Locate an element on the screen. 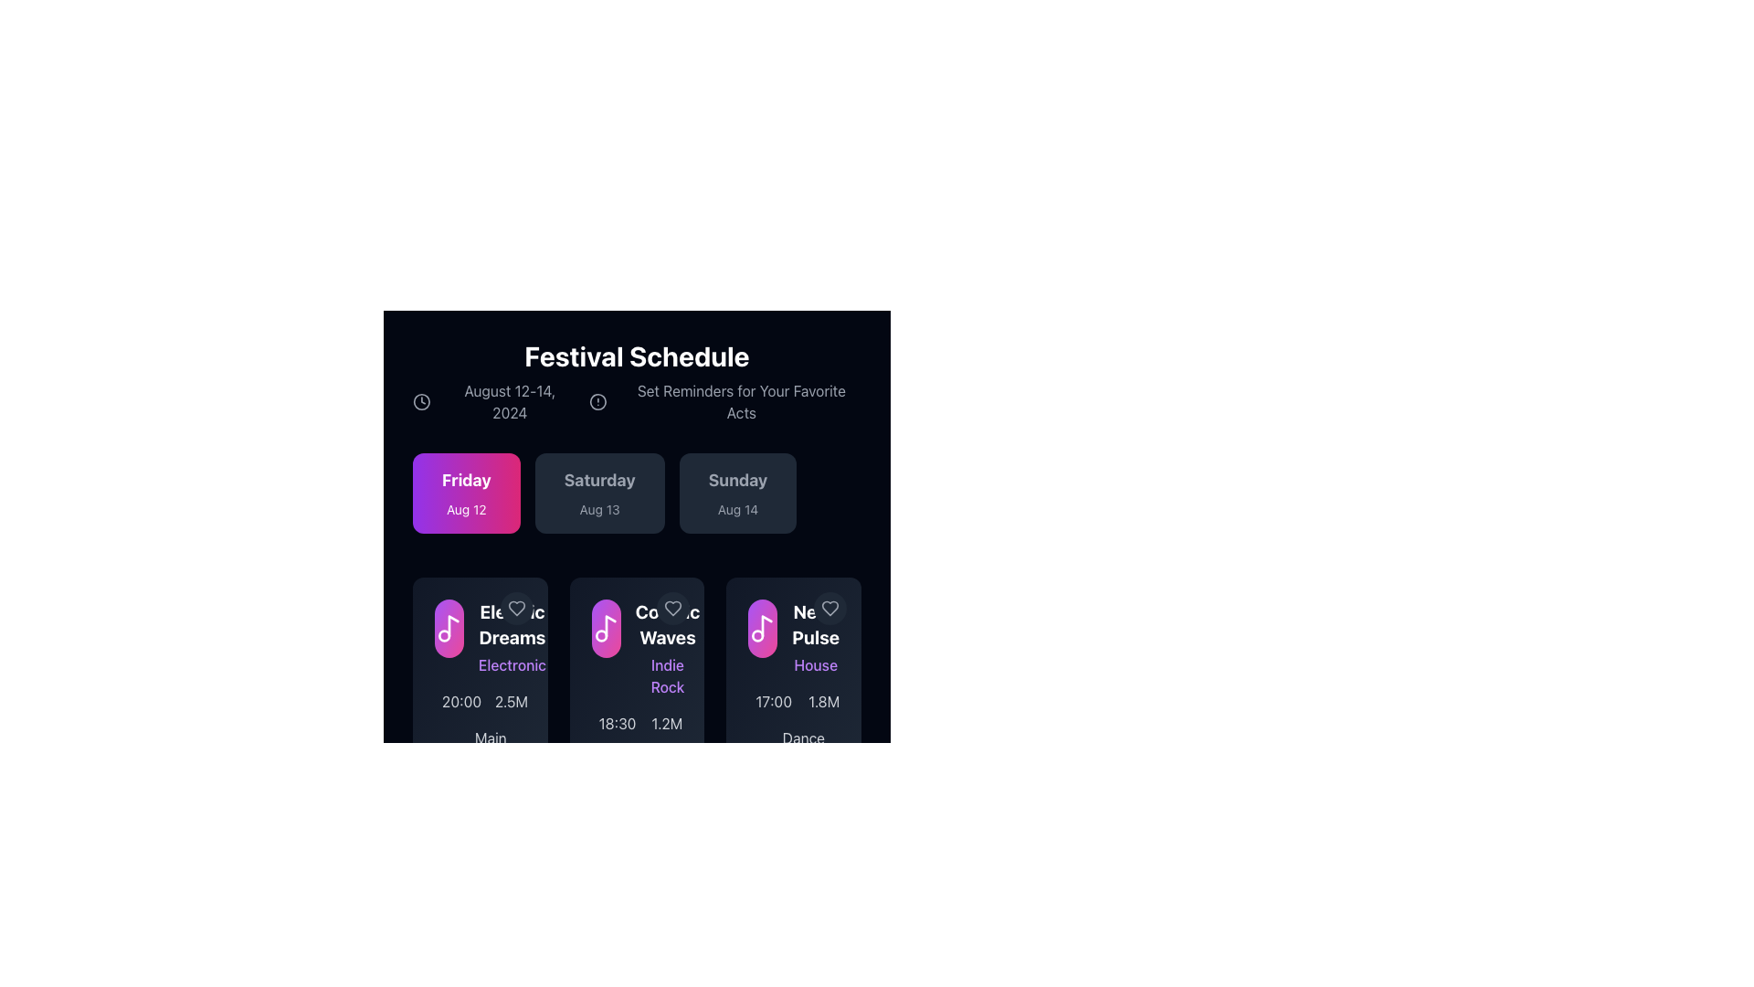  the text label in the bottom right corner of the schedule items card that displays the event title and category is located at coordinates (815, 637).